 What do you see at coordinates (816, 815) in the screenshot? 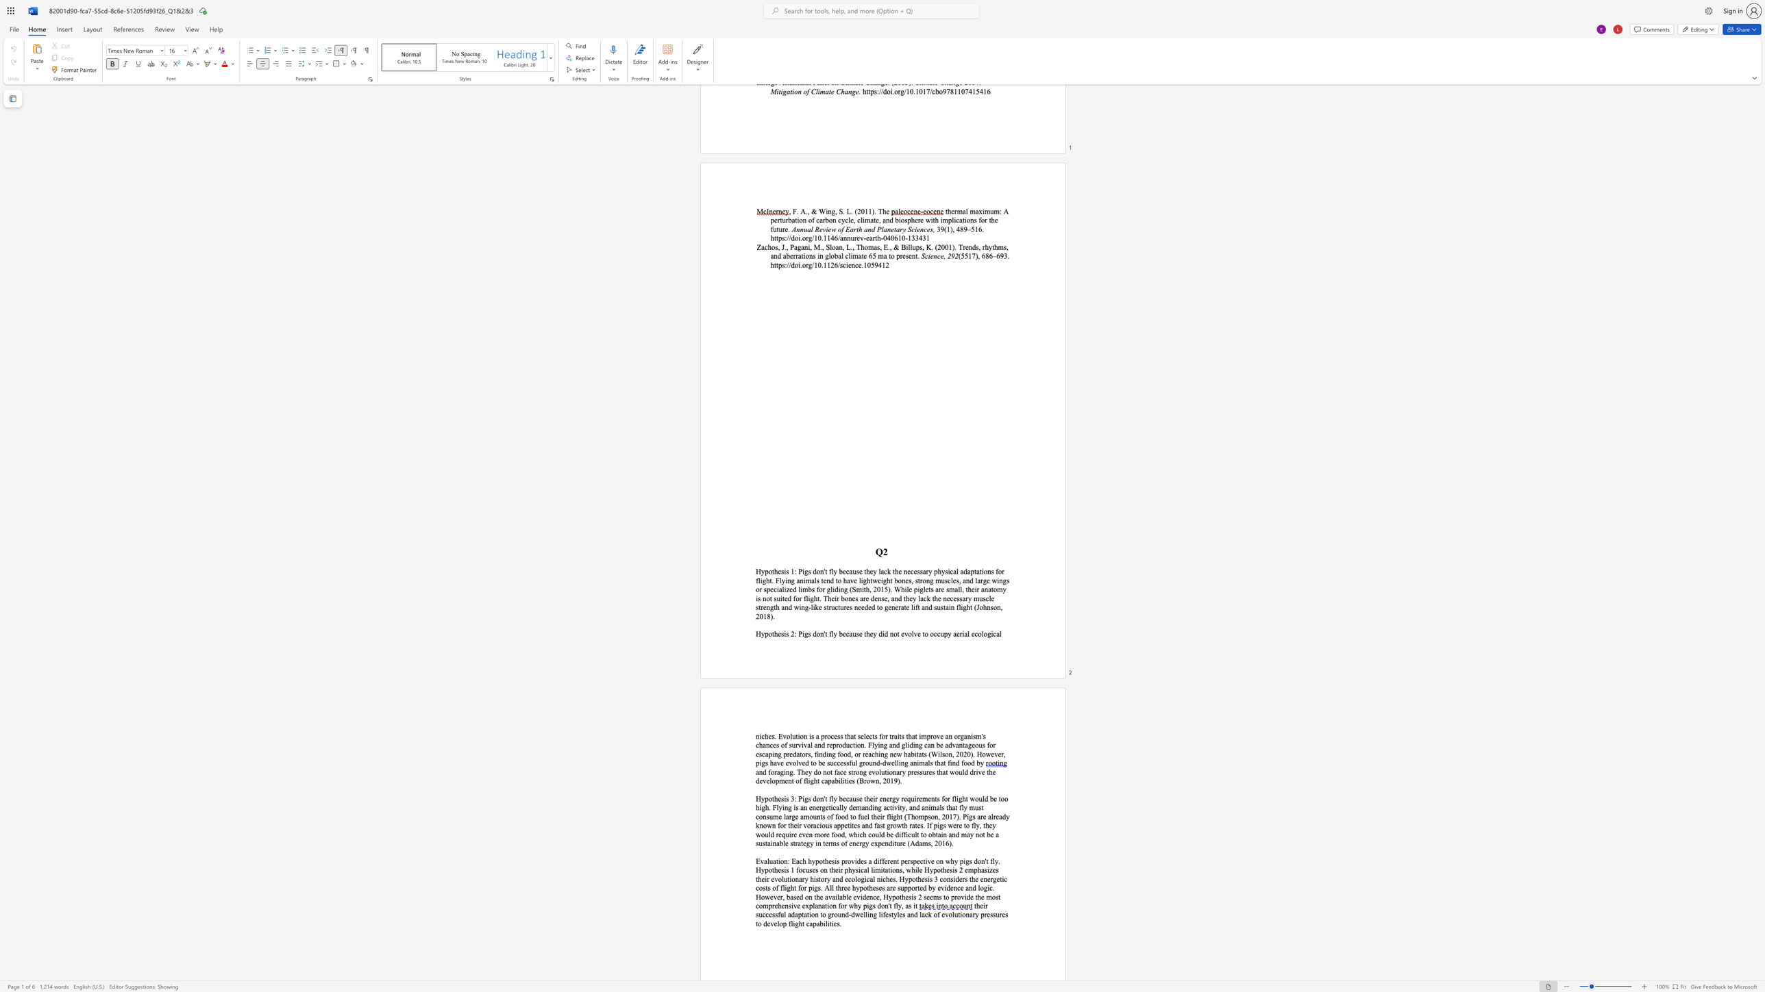
I see `the subset text "nt" within the text "large amounts"` at bounding box center [816, 815].